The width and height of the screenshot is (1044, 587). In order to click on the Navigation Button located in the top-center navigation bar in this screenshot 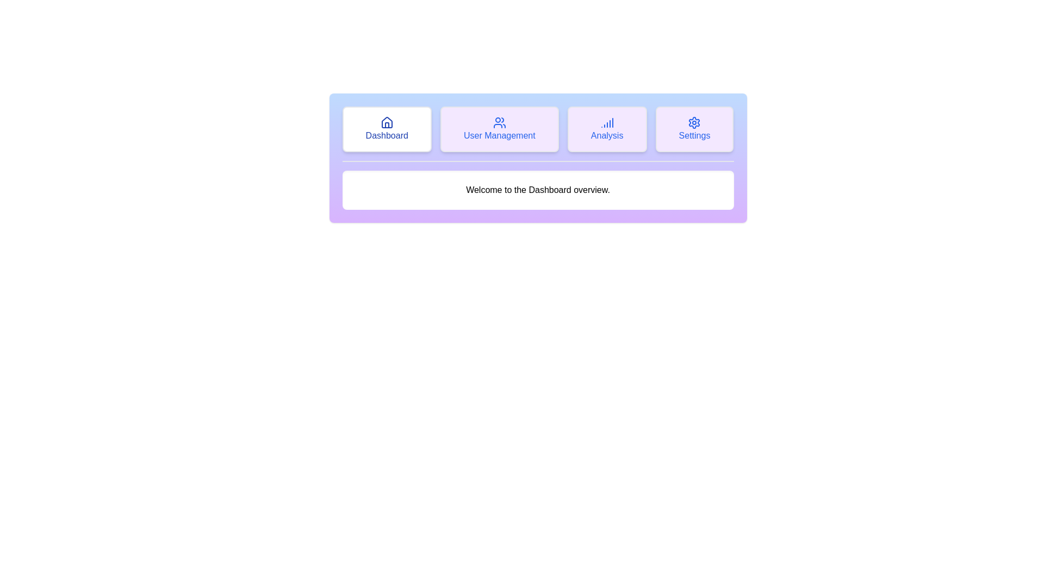, I will do `click(499, 129)`.